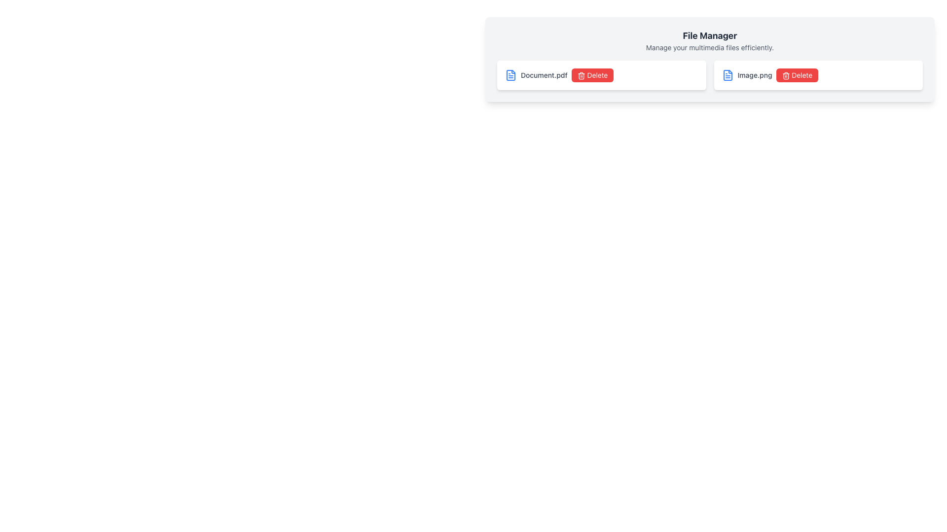  What do you see at coordinates (592, 75) in the screenshot?
I see `the delete button for 'Document.pdf'` at bounding box center [592, 75].